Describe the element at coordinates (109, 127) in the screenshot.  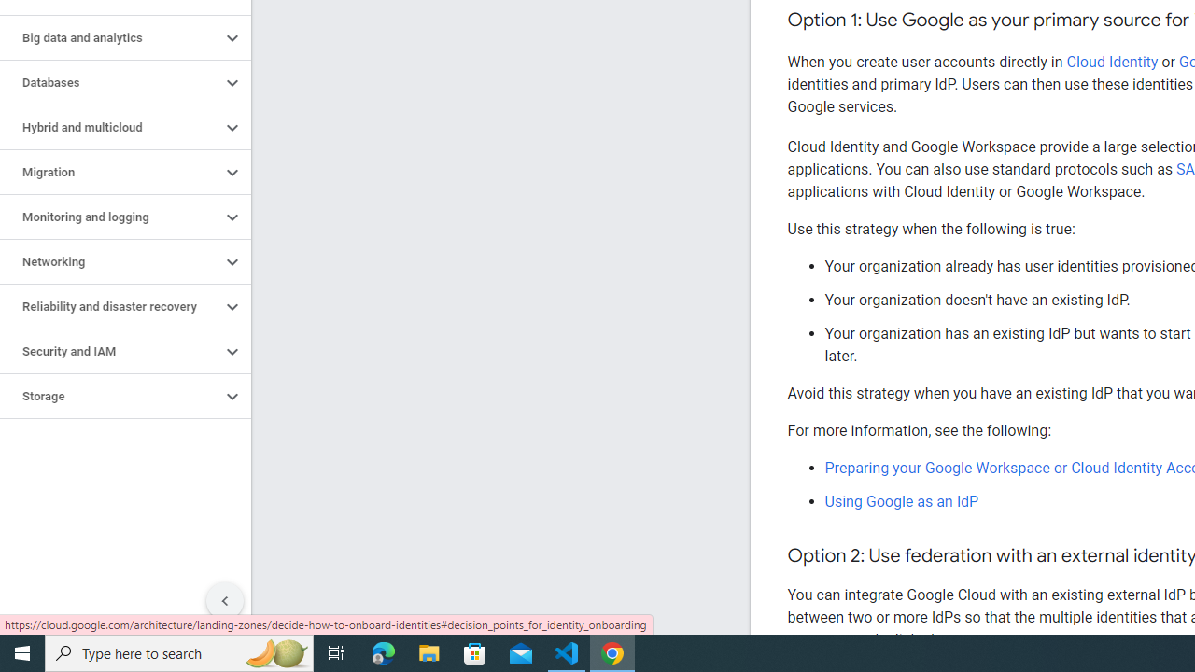
I see `'Hybrid and multicloud'` at that location.